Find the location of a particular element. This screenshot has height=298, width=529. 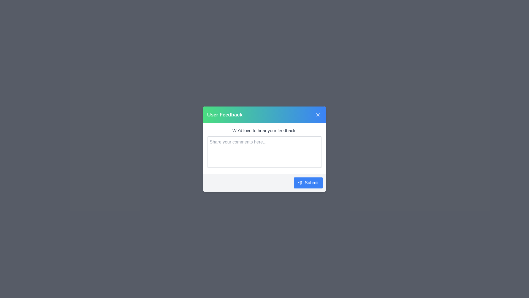

the text label that reads "We'd love to hear your feedback:" located in the modal dialog box below the heading "User Feedback" is located at coordinates (264, 131).